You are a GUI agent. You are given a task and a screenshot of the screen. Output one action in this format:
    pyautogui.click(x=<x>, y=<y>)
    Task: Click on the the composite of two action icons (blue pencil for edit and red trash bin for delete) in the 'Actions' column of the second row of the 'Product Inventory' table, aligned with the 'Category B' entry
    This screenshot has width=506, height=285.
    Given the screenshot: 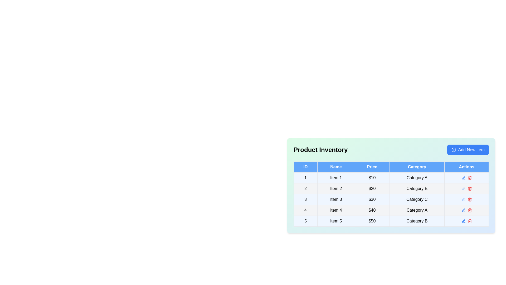 What is the action you would take?
    pyautogui.click(x=466, y=188)
    